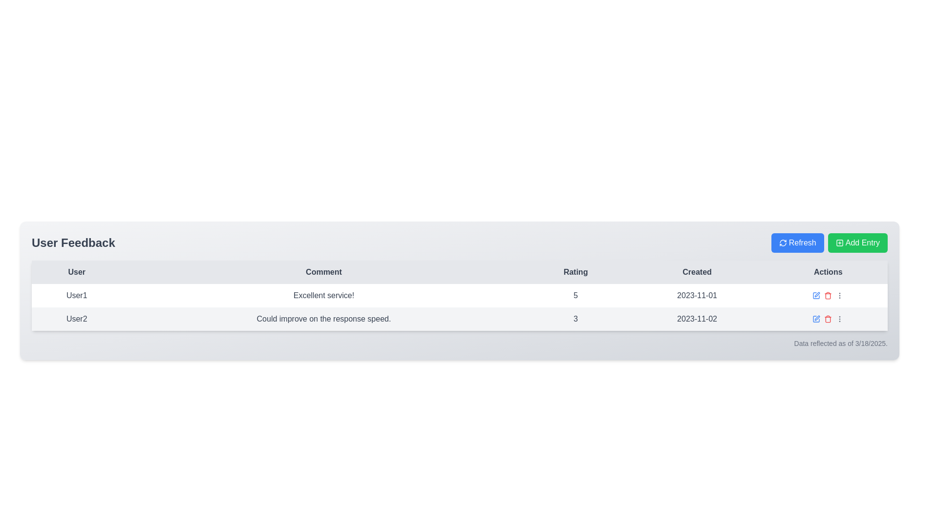 Image resolution: width=938 pixels, height=527 pixels. I want to click on the text label displaying the user's feedback comment in the second row of the feedback table under the 'Comment' column, next to the 'User2' entry, so click(323, 319).